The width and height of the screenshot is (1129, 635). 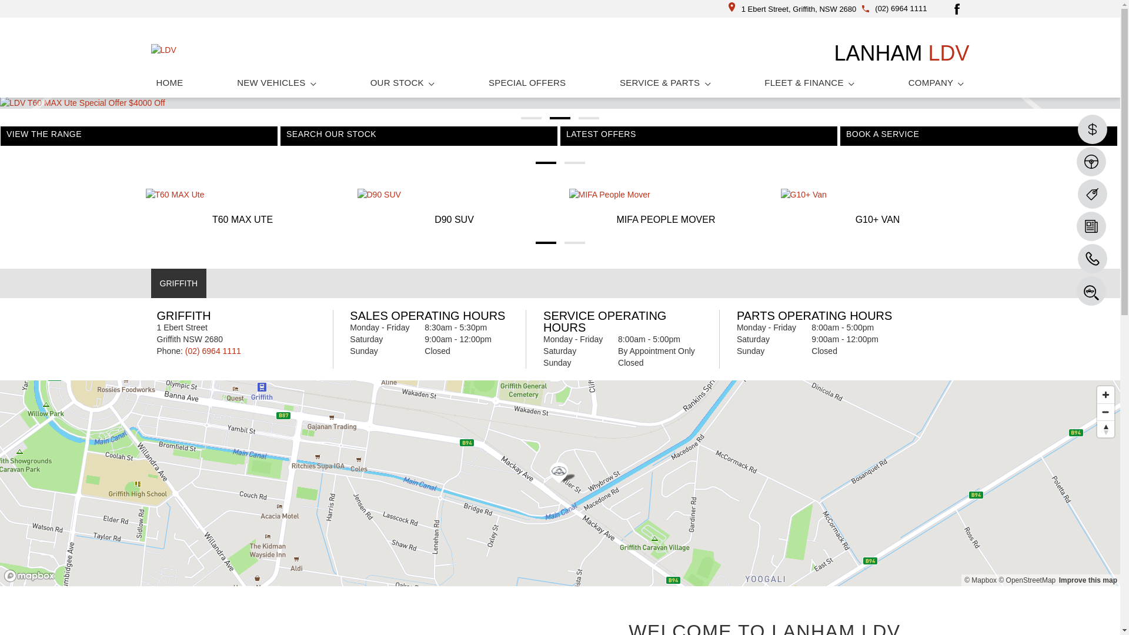 What do you see at coordinates (793, 9) in the screenshot?
I see `'1 Ebert Street, Griffith, NSW 2680'` at bounding box center [793, 9].